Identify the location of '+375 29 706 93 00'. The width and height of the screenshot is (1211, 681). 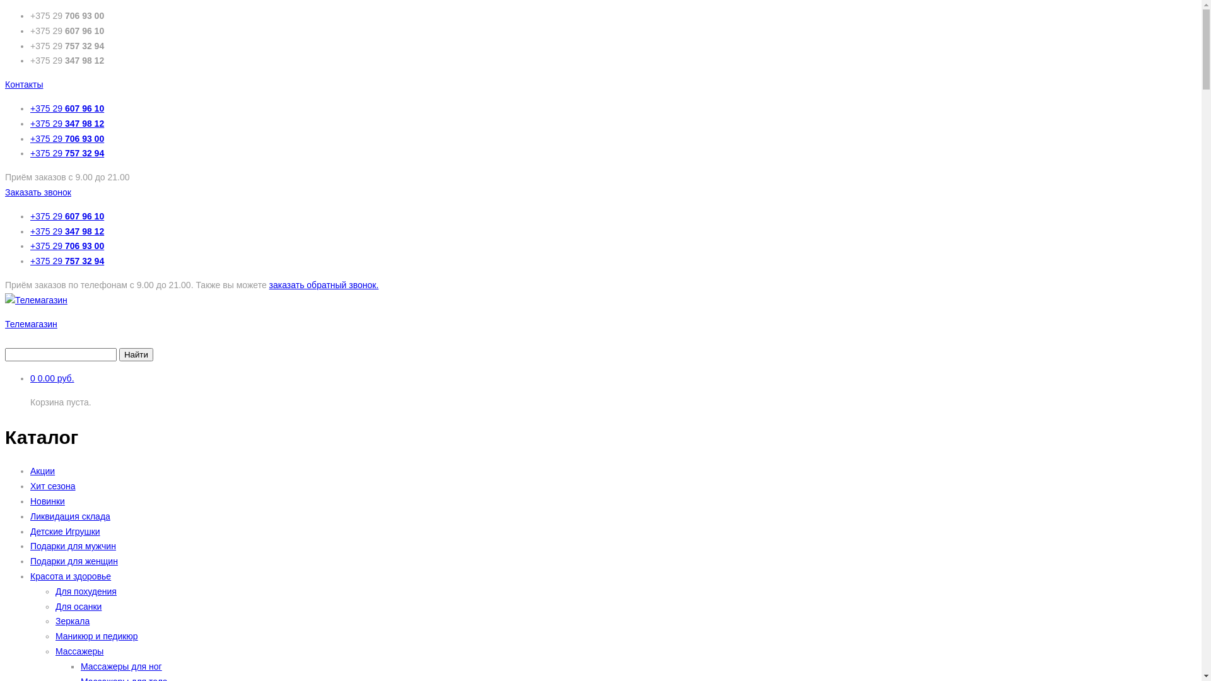
(66, 138).